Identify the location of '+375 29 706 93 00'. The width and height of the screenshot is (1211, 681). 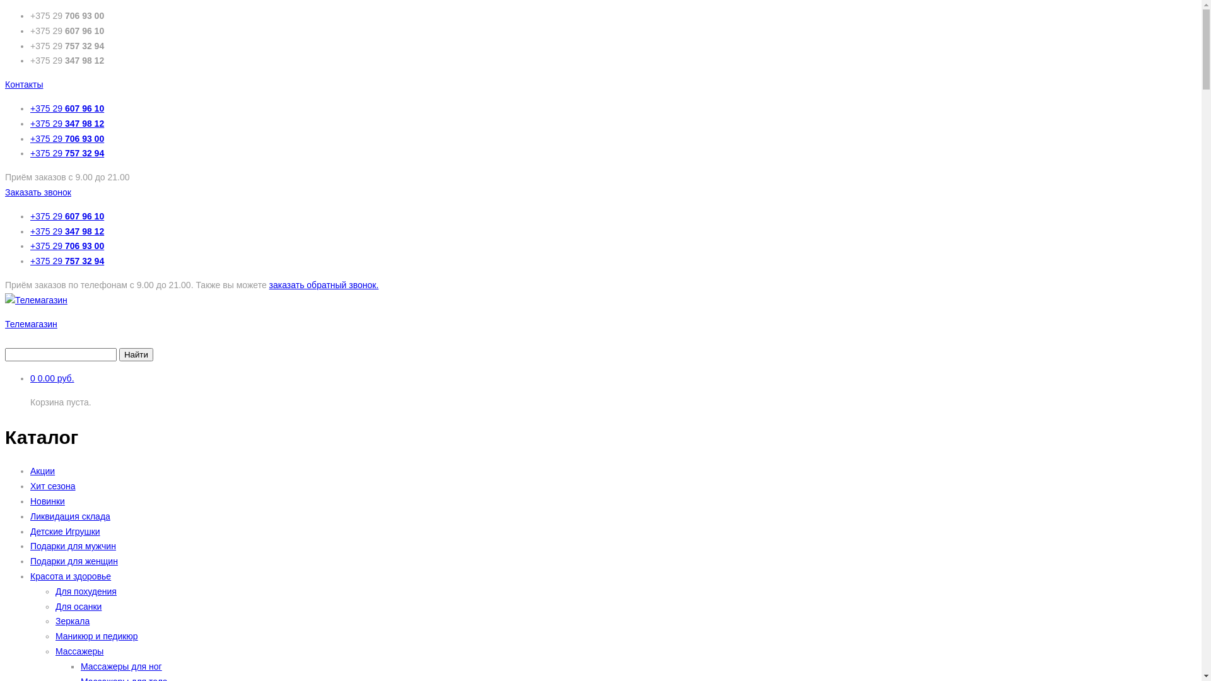
(66, 138).